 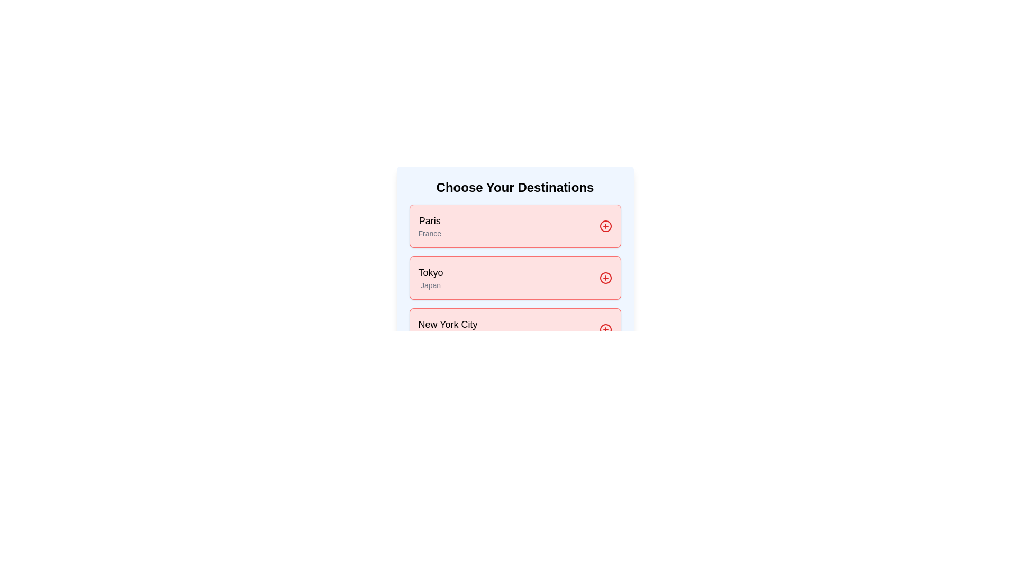 What do you see at coordinates (605, 329) in the screenshot?
I see `the circular graphic element located in the bottom-right area of the 'New York City' card` at bounding box center [605, 329].